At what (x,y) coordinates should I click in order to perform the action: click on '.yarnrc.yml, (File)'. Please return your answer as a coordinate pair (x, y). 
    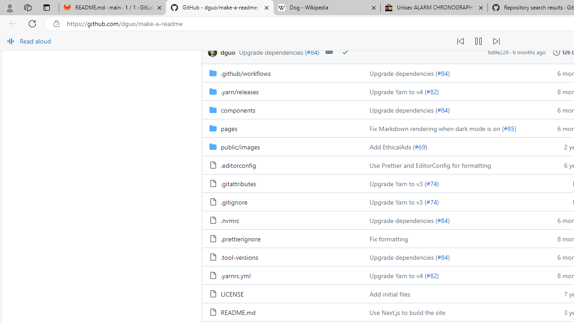
    Looking at the image, I should click on (235, 275).